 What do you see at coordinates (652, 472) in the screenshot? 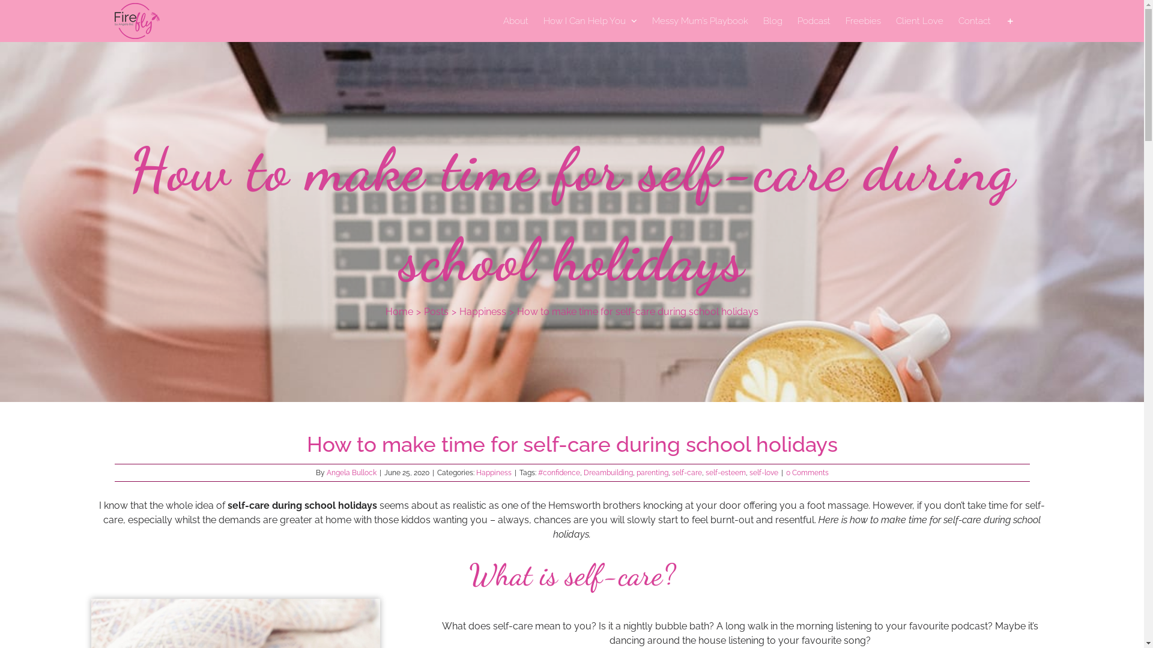
I see `'parenting'` at bounding box center [652, 472].